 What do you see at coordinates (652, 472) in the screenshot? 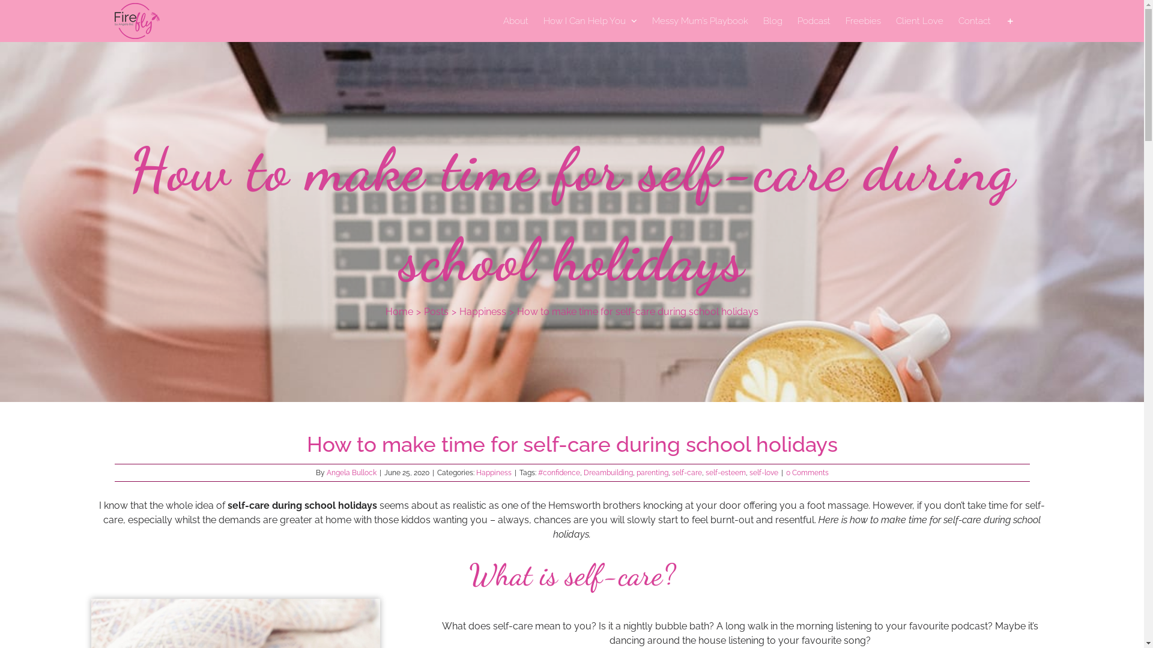
I see `'parenting'` at bounding box center [652, 472].